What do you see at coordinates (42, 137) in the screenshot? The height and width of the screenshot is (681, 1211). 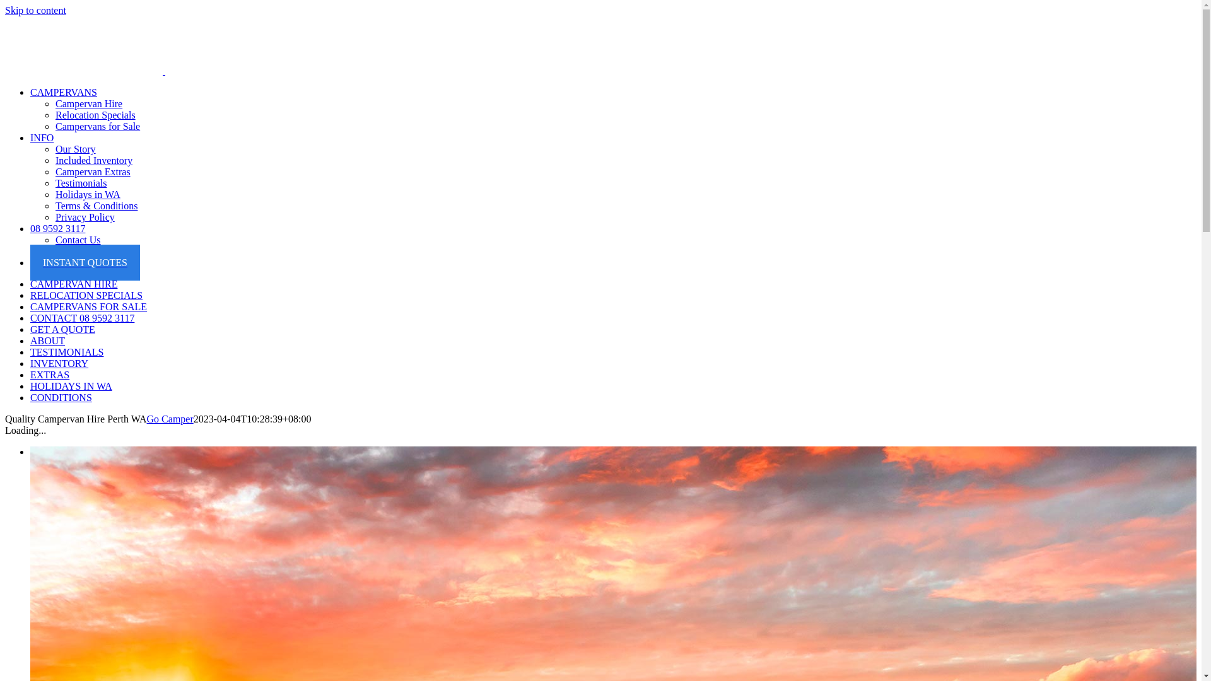 I see `'INFO'` at bounding box center [42, 137].